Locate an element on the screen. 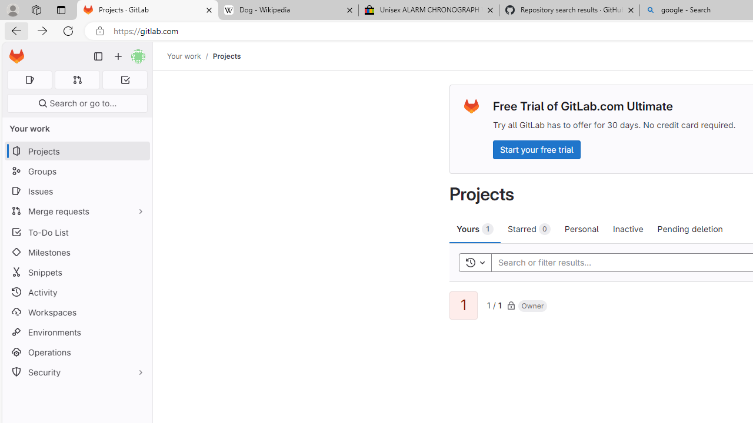 The height and width of the screenshot is (423, 753). 'Your work' is located at coordinates (183, 56).